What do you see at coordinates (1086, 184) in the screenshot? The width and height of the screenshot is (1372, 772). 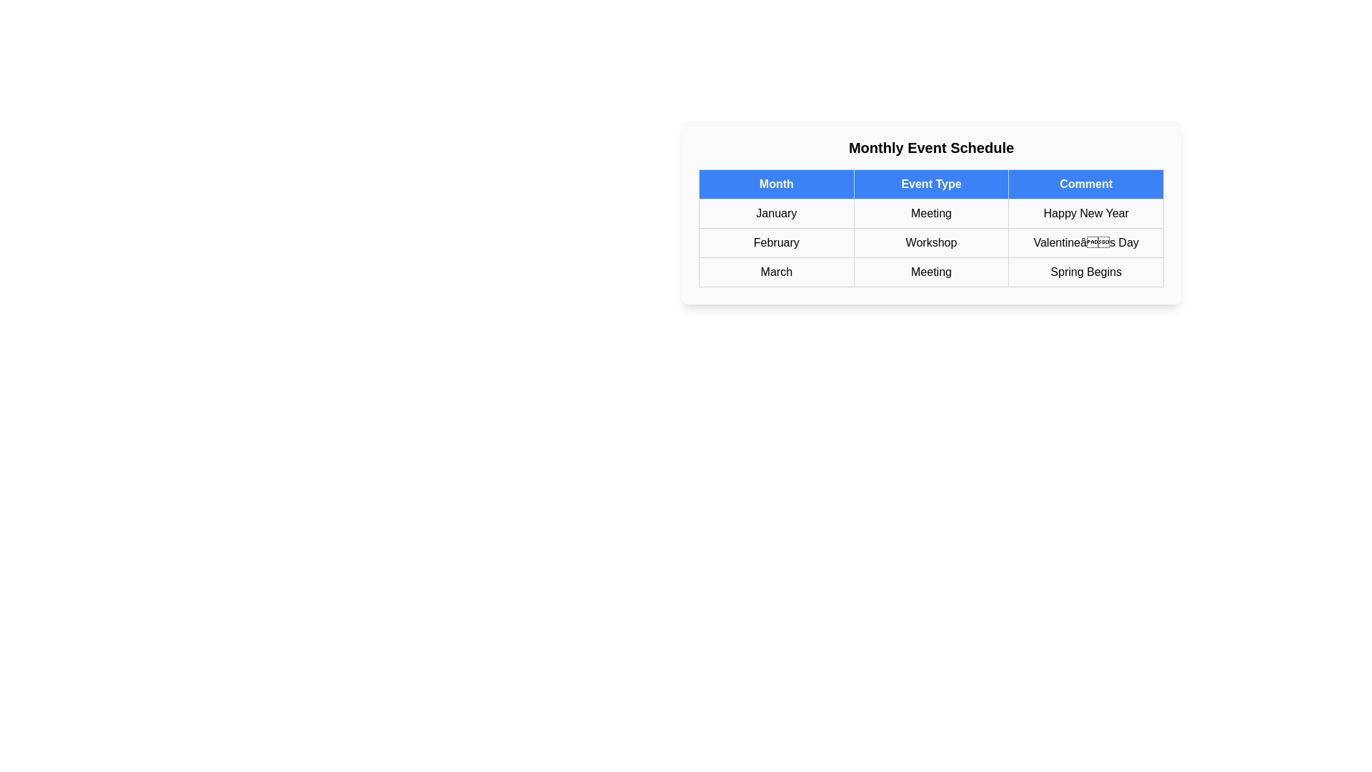 I see `the table header column Comment to sort the table by that column` at bounding box center [1086, 184].